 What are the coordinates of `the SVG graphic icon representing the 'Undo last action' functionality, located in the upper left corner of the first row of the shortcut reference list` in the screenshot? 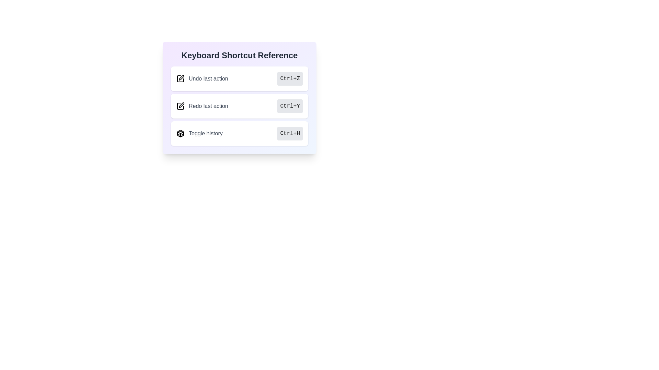 It's located at (181, 78).